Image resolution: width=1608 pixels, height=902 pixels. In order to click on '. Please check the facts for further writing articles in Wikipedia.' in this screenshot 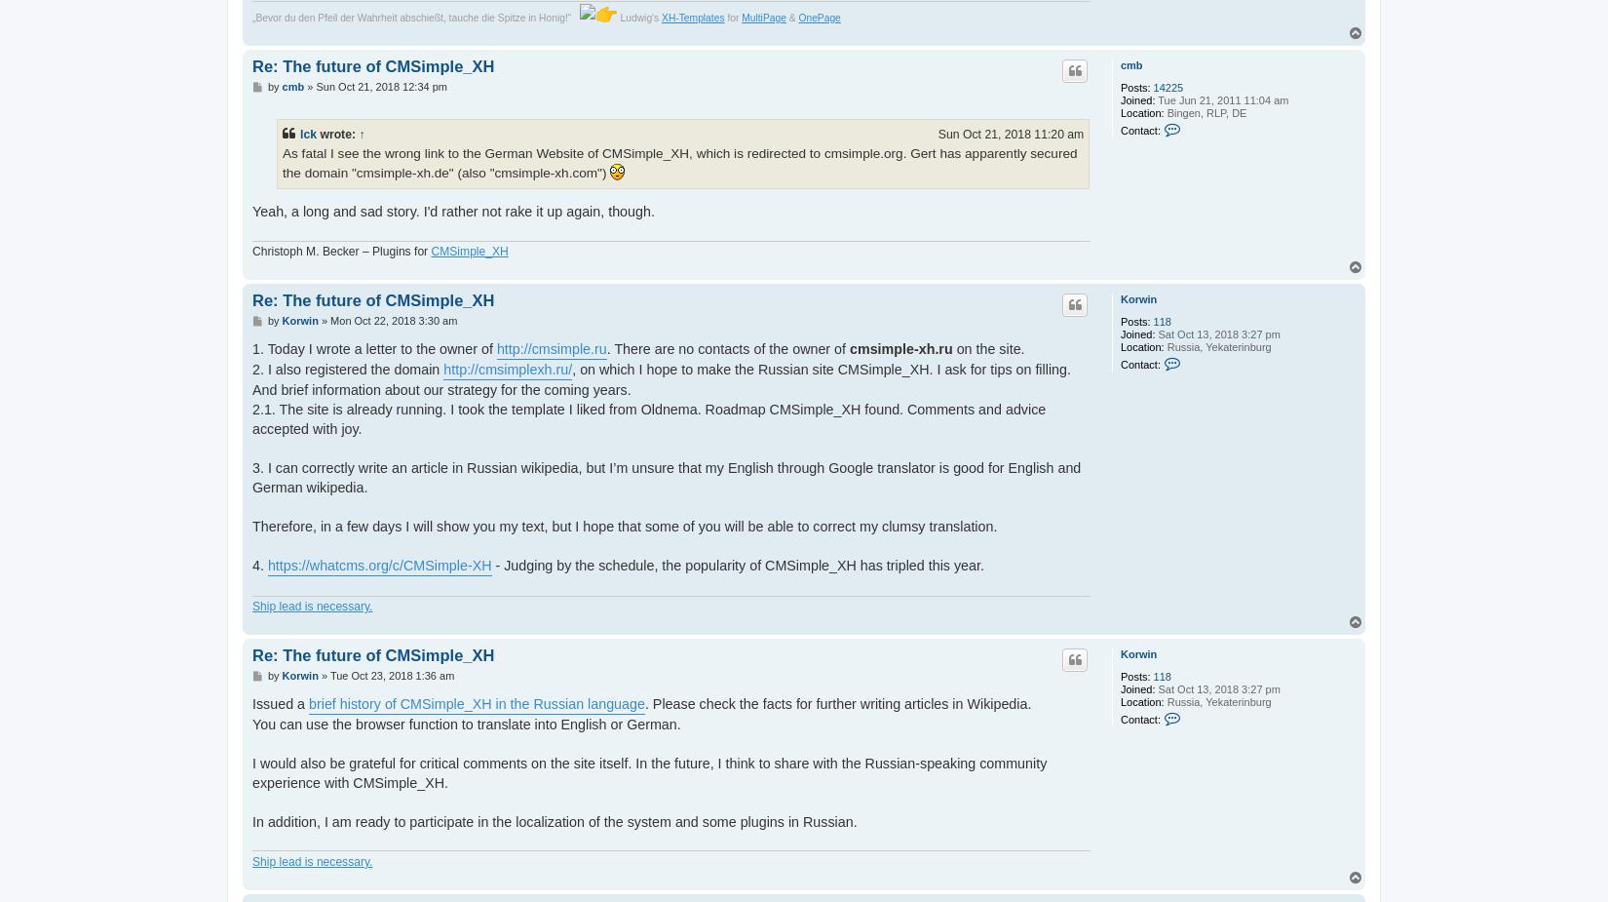, I will do `click(837, 703)`.